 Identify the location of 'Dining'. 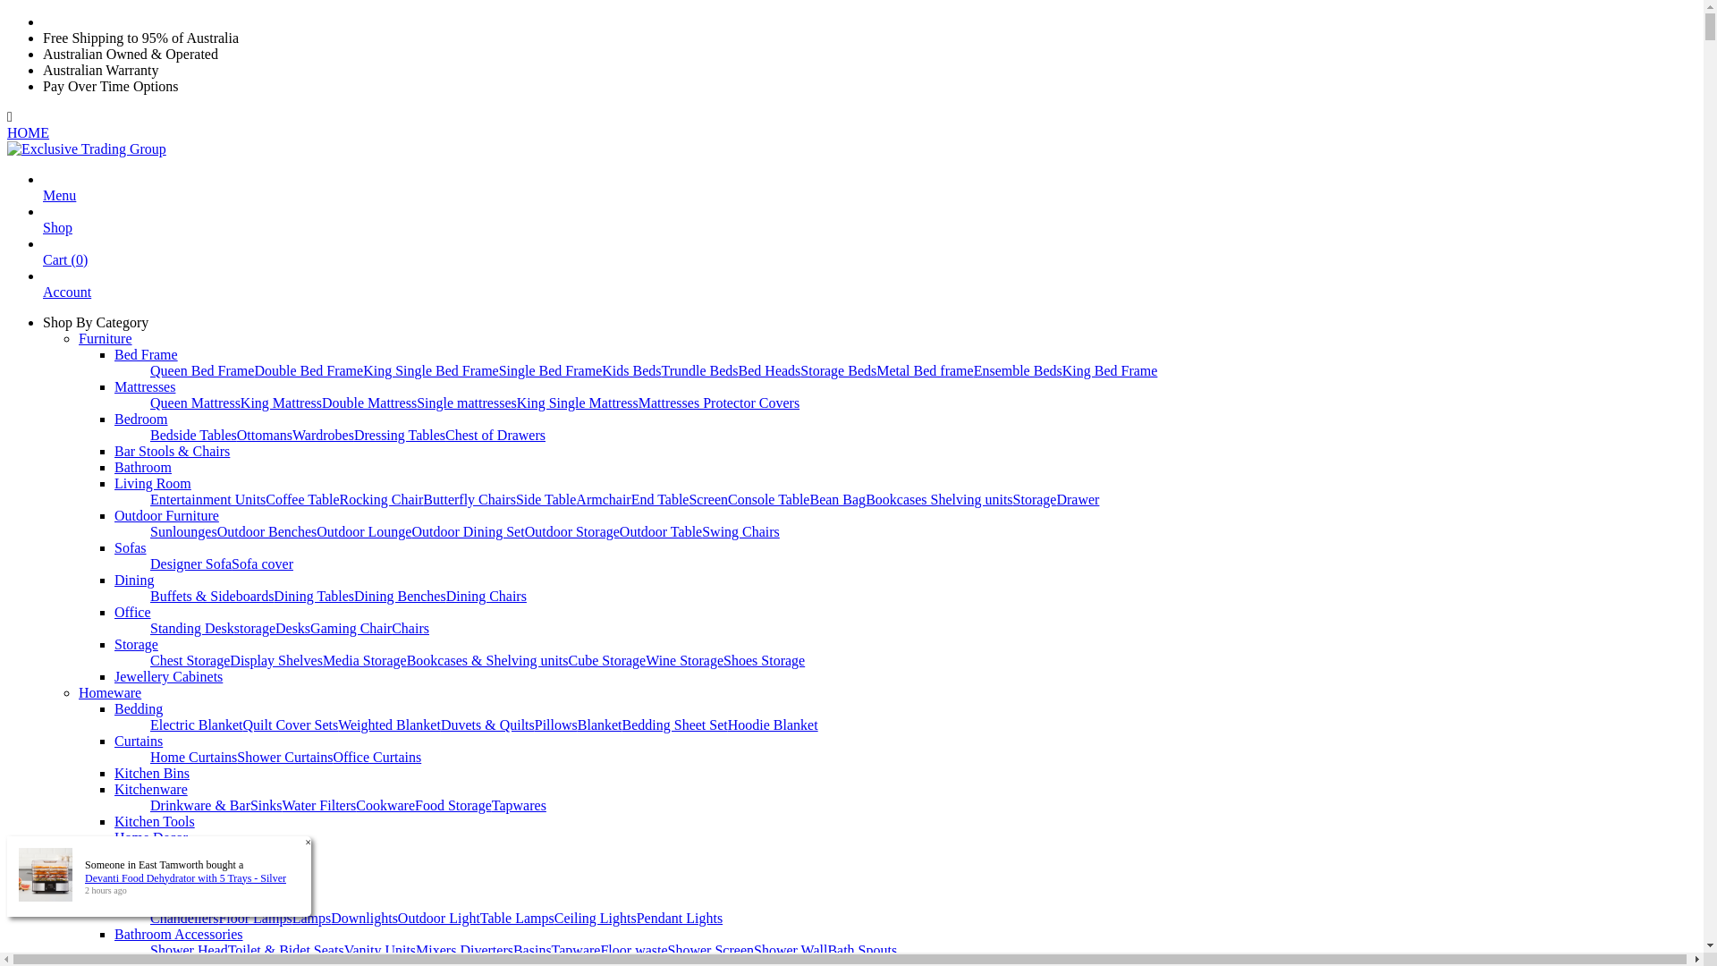
(114, 580).